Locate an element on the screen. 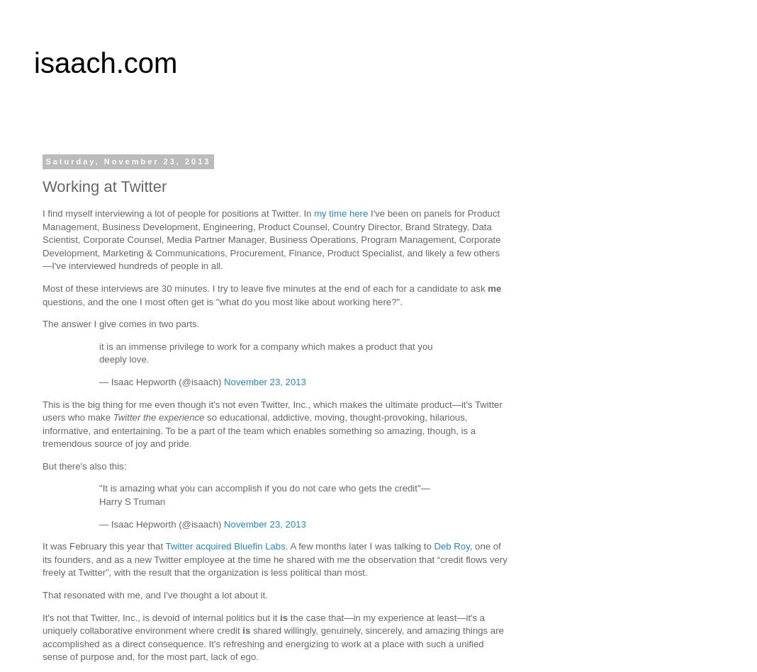 This screenshot has height=672, width=757. '"It is amazing what you can accomplish if you do not care who gets the credit"—Harry S Truman' is located at coordinates (264, 494).